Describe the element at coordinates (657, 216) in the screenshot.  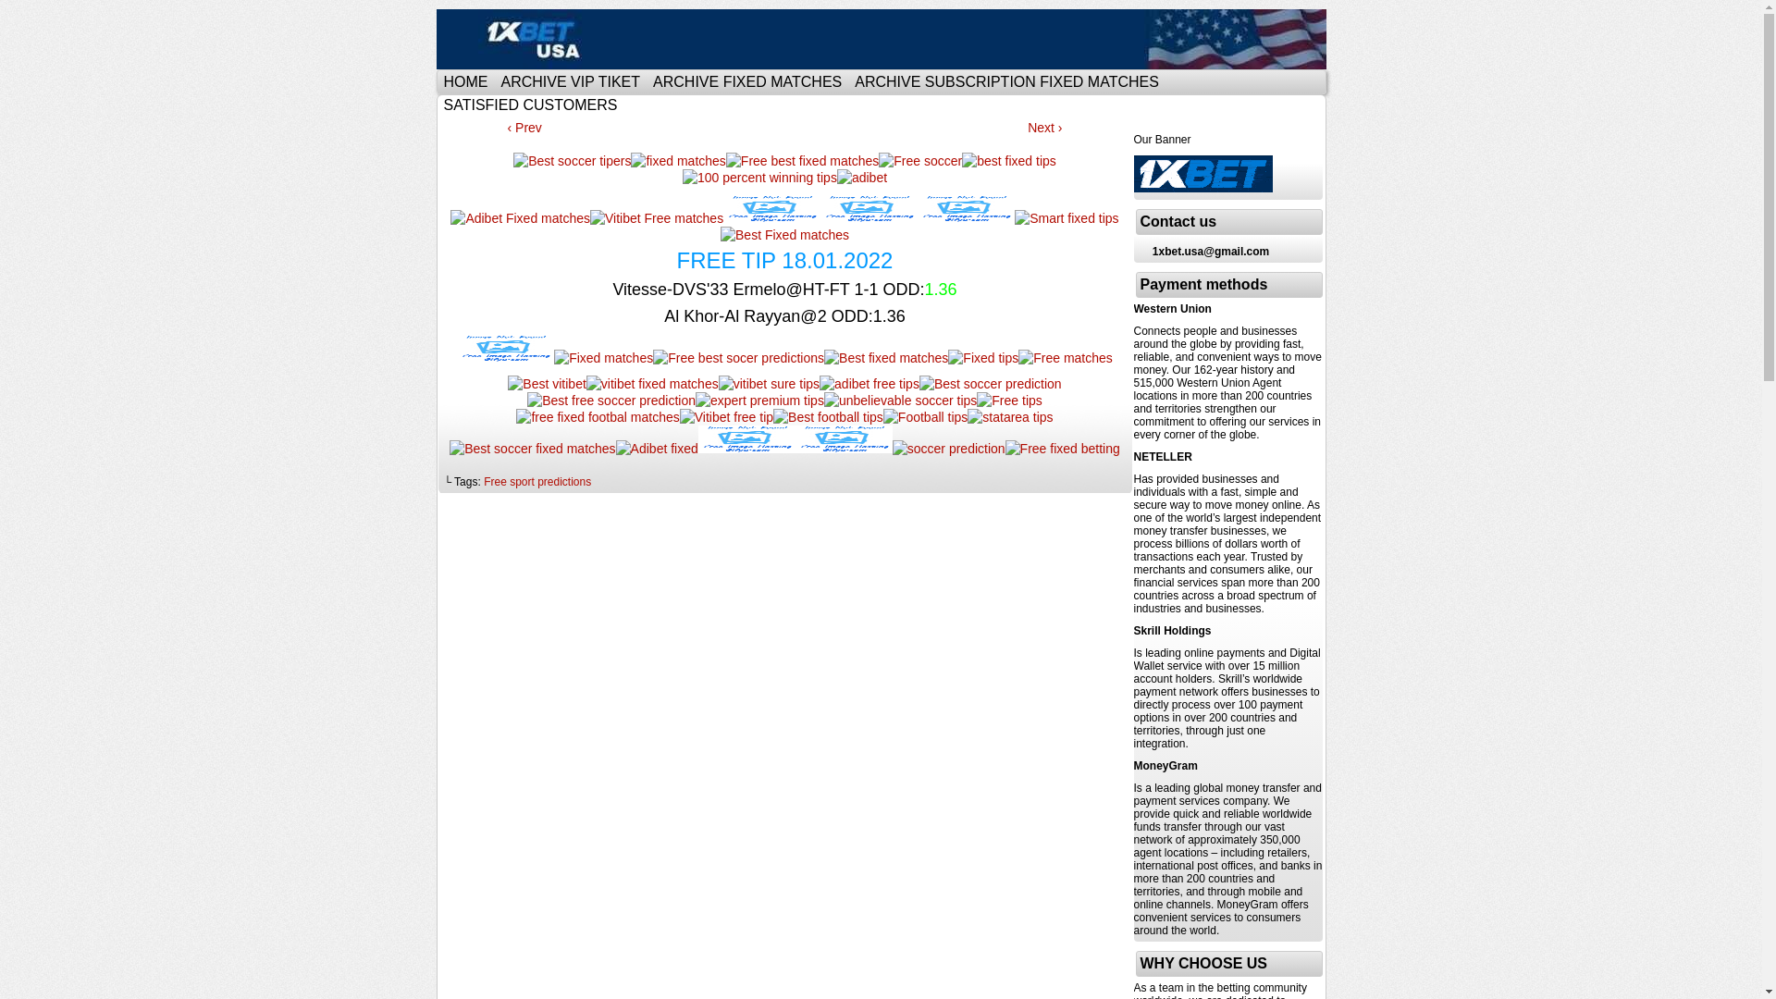
I see `'Vitibet Free matches'` at that location.